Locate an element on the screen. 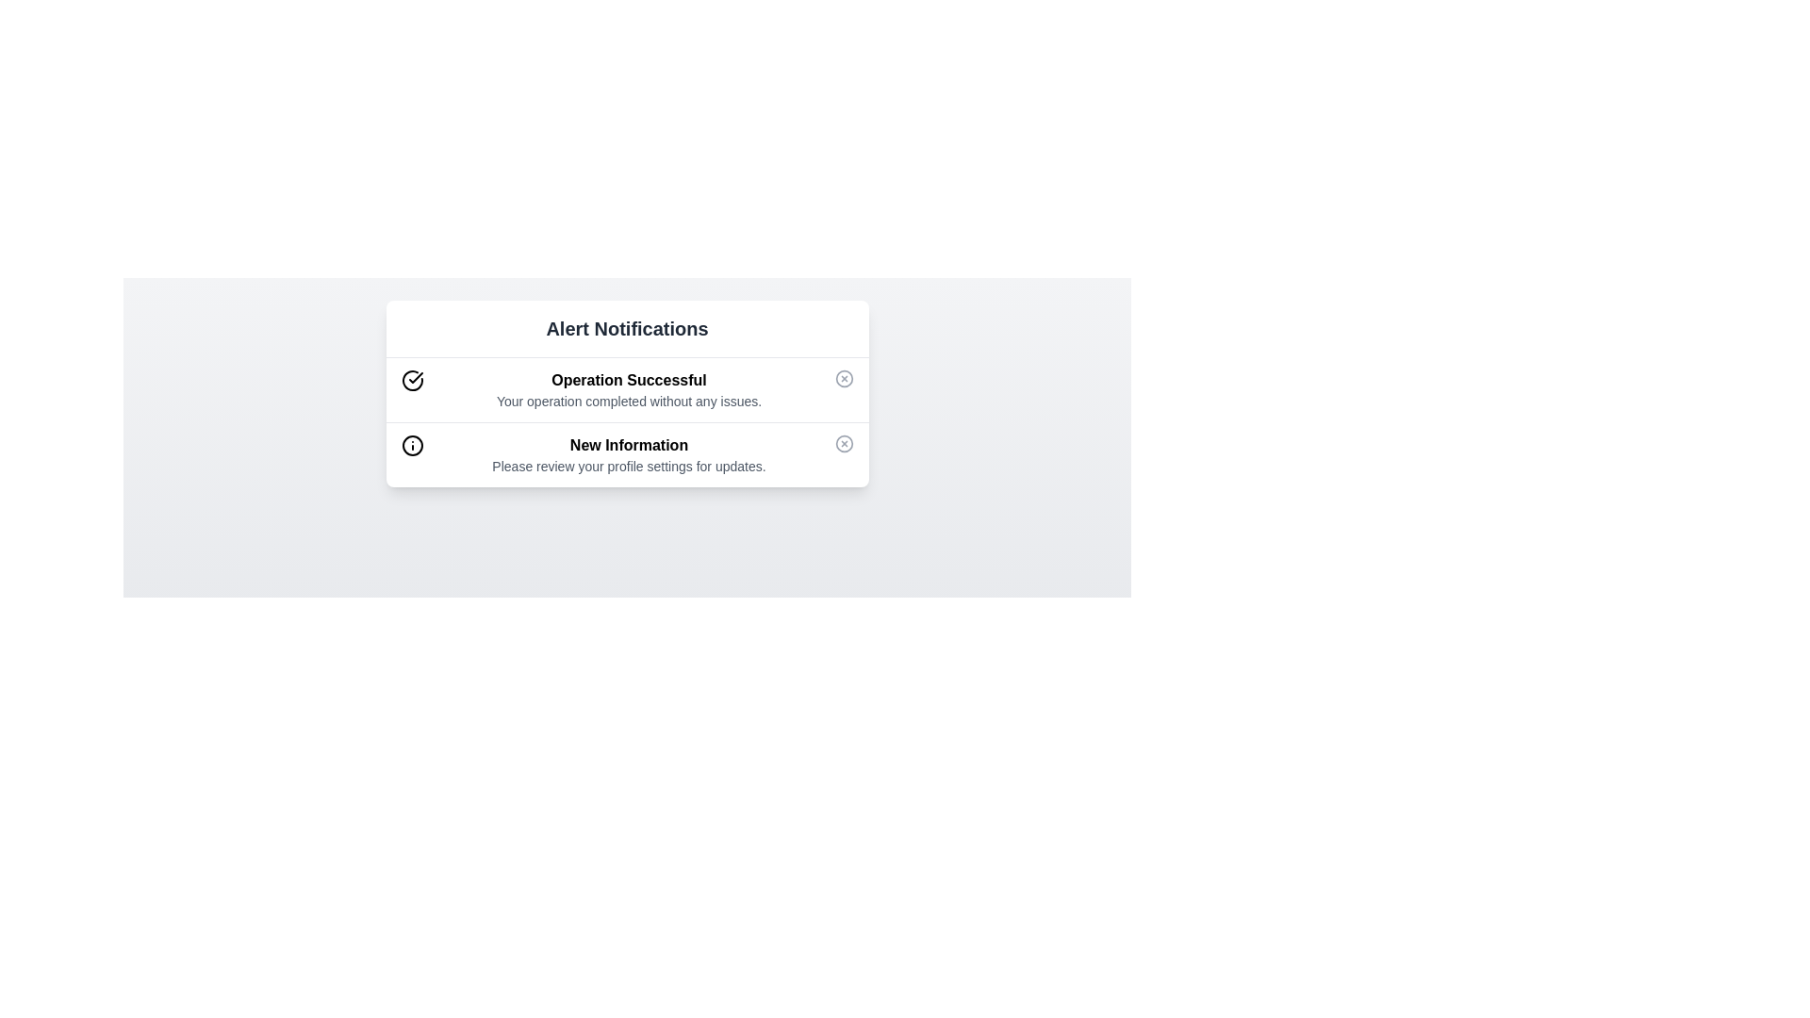 The image size is (1810, 1018). the checkmark icon within the circle-check icon in the top notification item labeled 'Operation Successful' is located at coordinates (415, 378).